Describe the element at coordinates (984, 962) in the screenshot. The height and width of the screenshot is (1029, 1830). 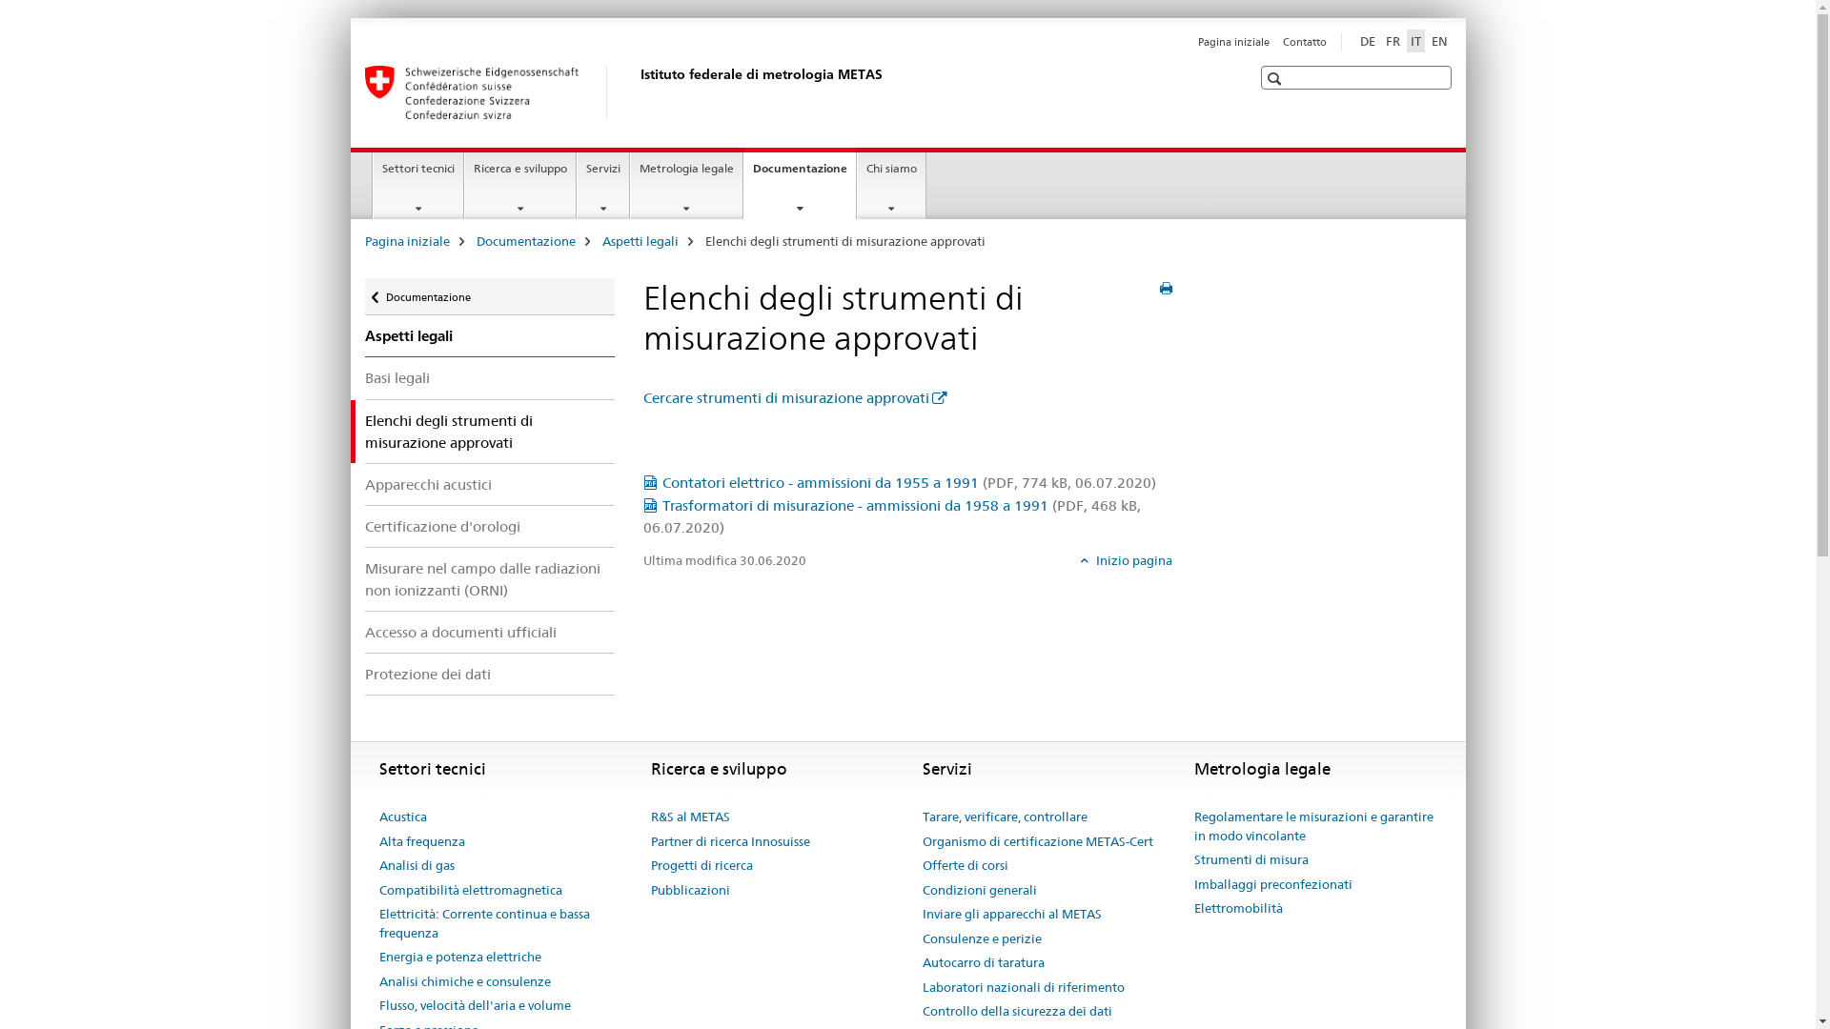
I see `'Autocarro di taratura'` at that location.